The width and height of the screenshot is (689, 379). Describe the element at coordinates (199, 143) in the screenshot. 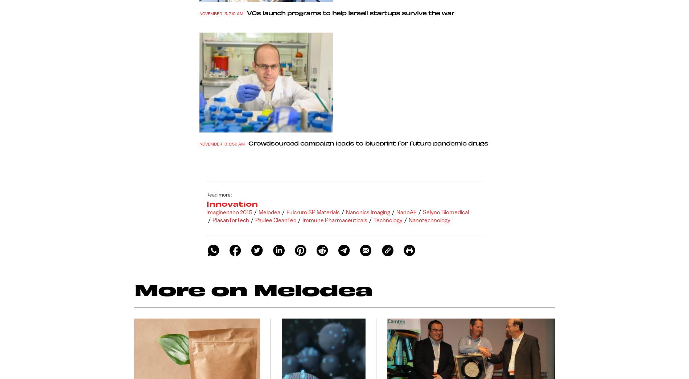

I see `'November 13, 8:59 am'` at that location.